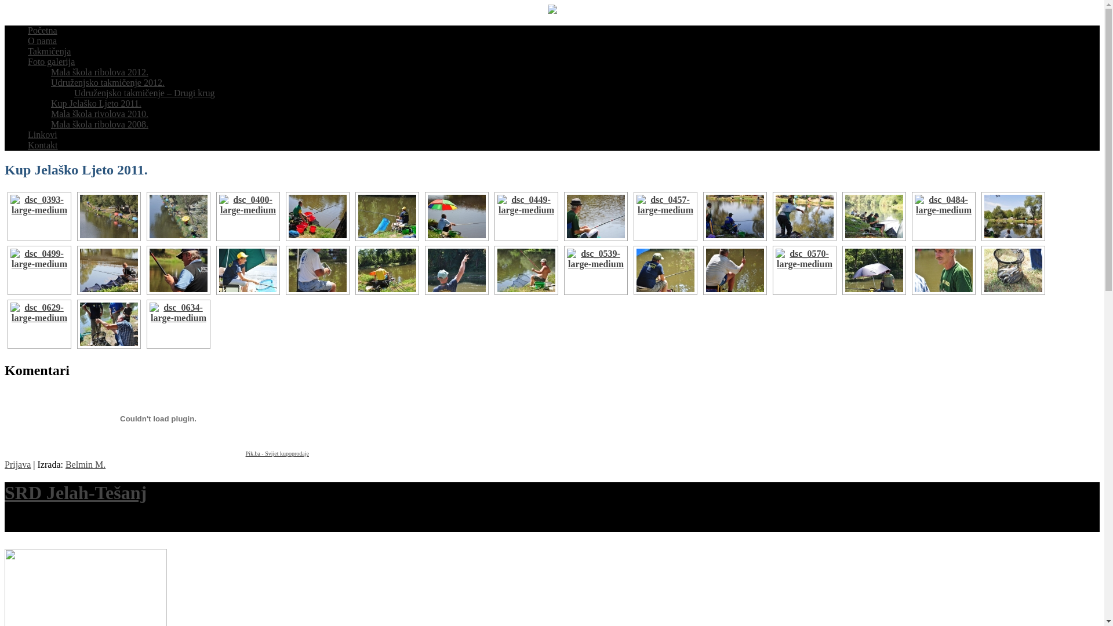 The height and width of the screenshot is (626, 1113). I want to click on 'Pik.ba - Svijet kupoprodaje', so click(277, 453).